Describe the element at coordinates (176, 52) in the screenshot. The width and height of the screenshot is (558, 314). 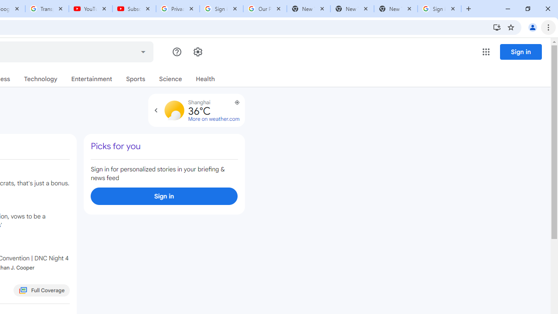
I see `'Help'` at that location.